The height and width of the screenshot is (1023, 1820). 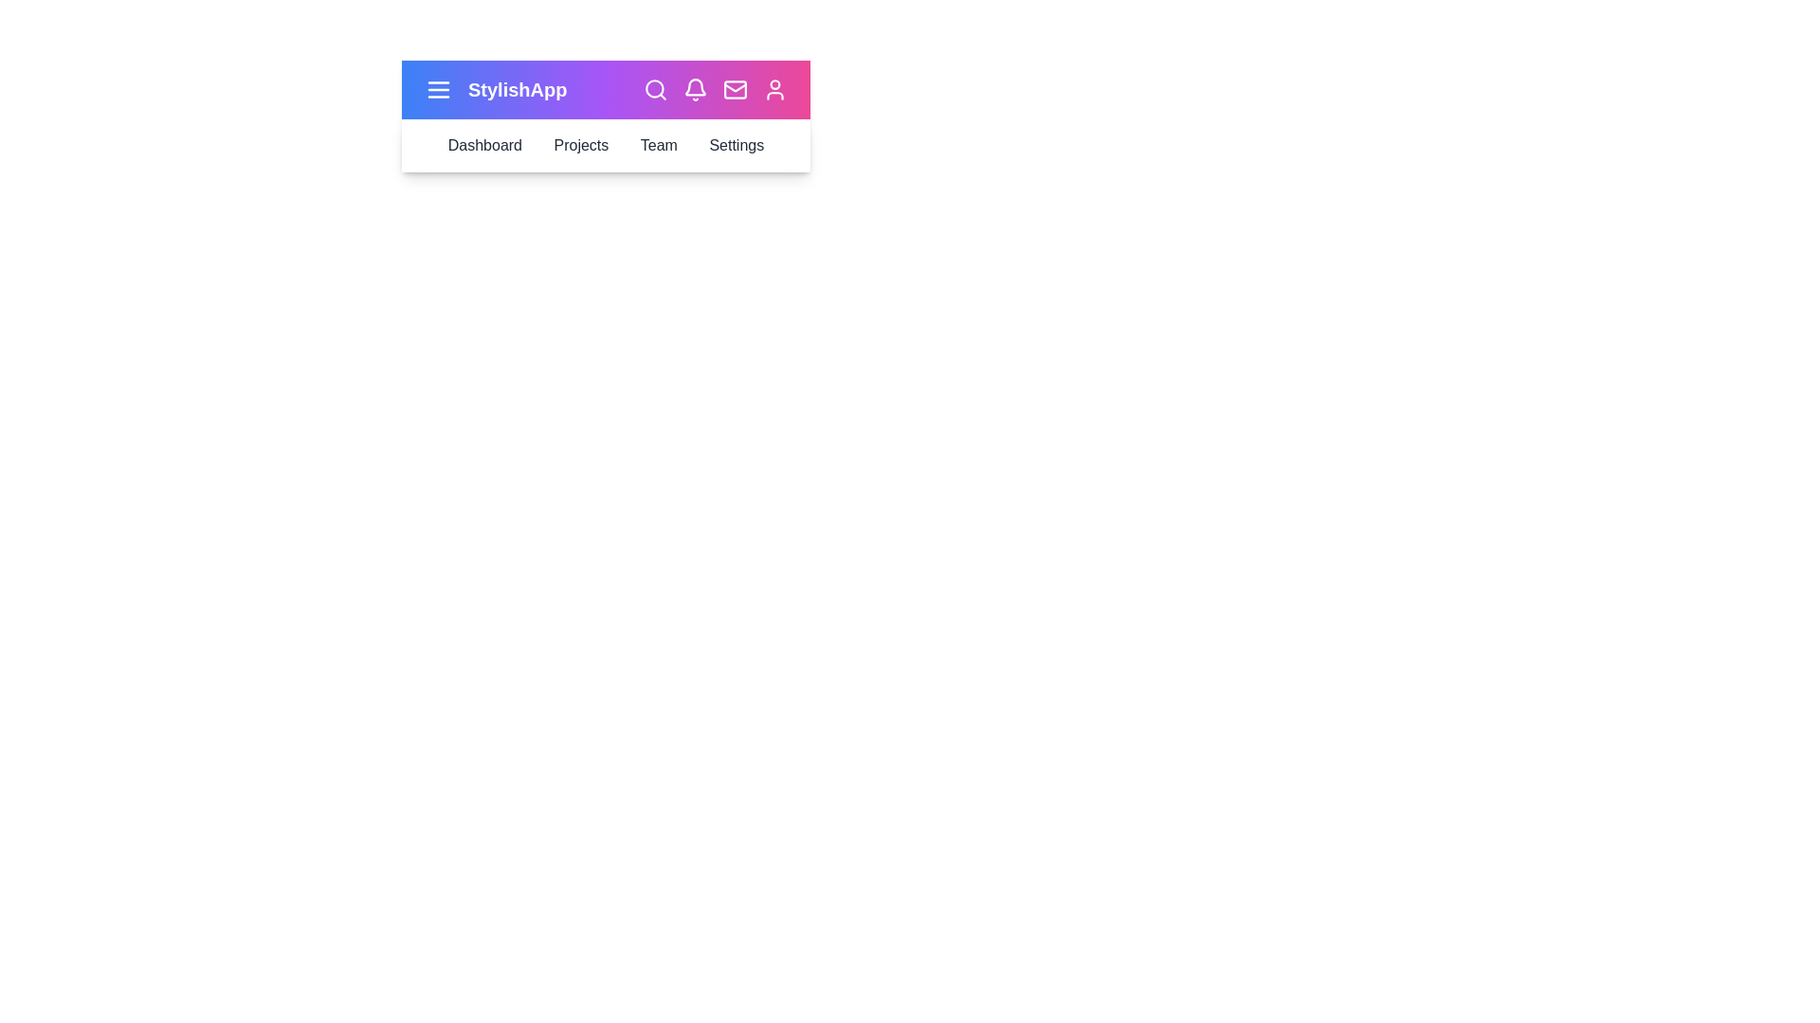 What do you see at coordinates (655, 90) in the screenshot?
I see `the search icon in the StylishAppBar component` at bounding box center [655, 90].